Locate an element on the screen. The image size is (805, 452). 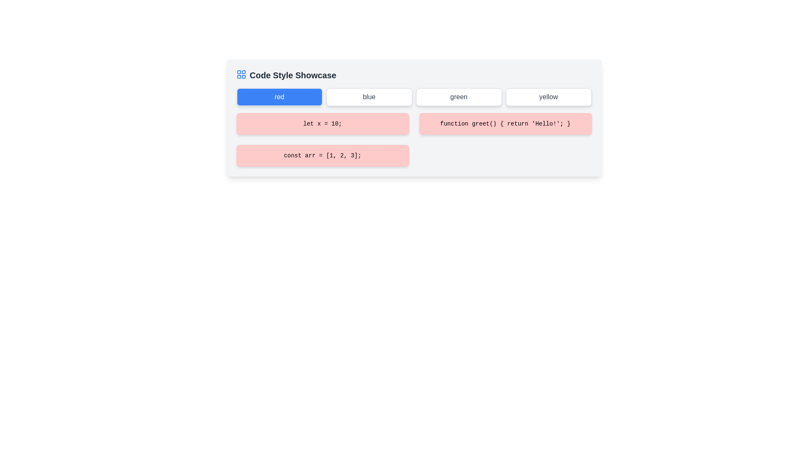
the button labeled 'yellow', which is the fourth button in a horizontal series of four buttons is located at coordinates (548, 96).